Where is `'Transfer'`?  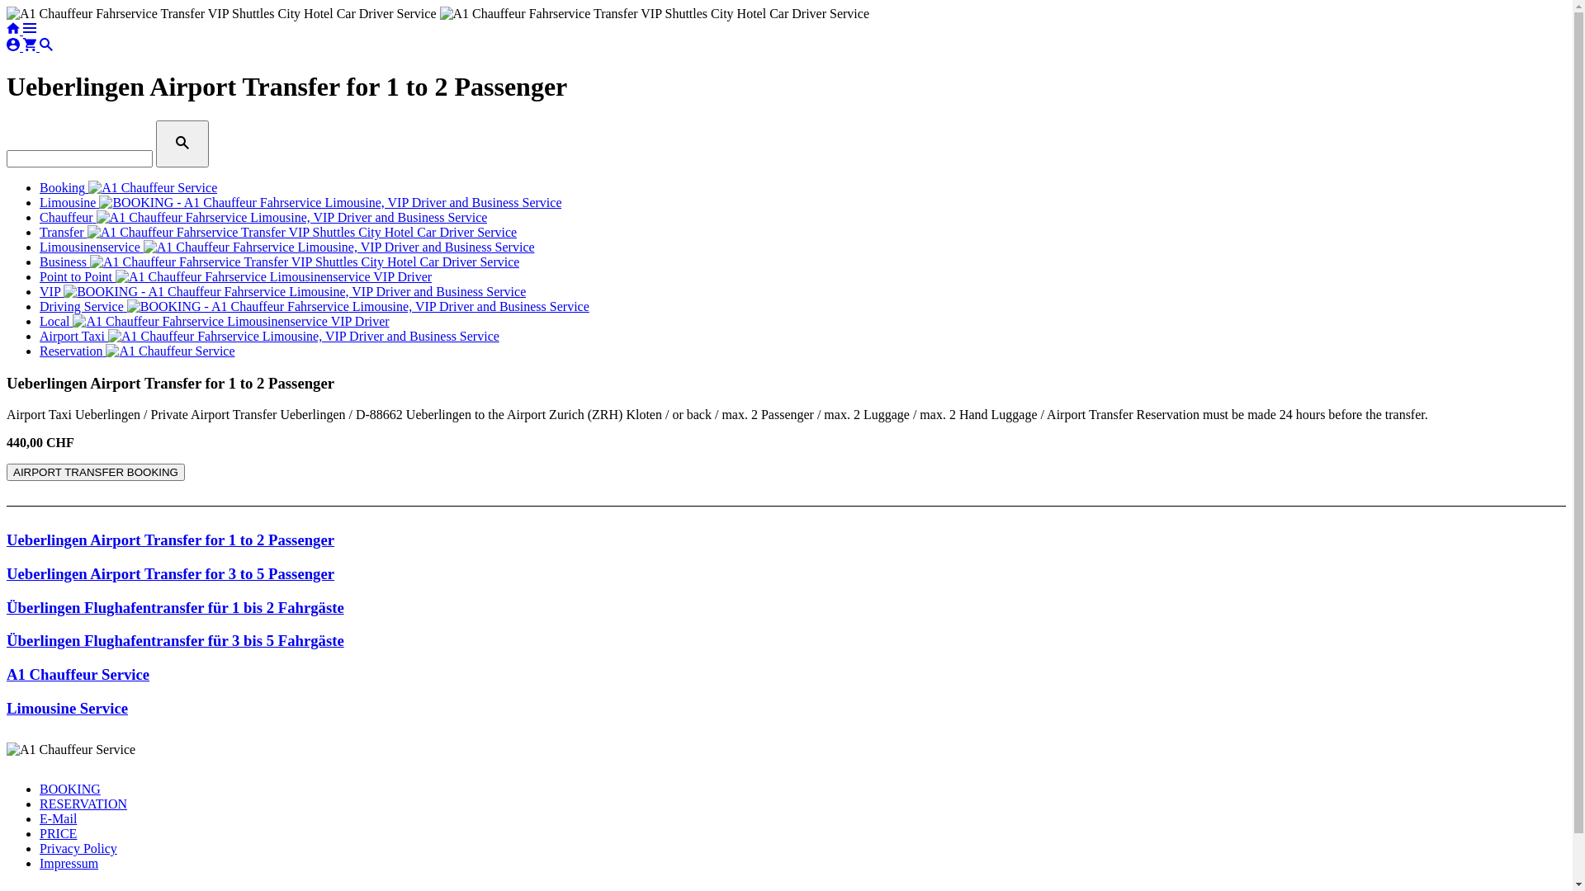 'Transfer' is located at coordinates (40, 232).